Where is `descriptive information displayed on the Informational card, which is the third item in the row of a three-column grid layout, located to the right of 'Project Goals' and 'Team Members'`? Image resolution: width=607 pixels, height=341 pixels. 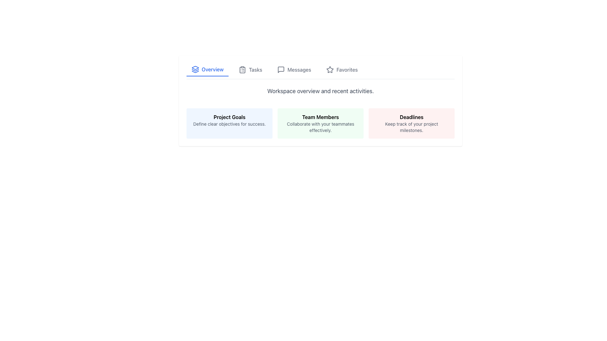
descriptive information displayed on the Informational card, which is the third item in the row of a three-column grid layout, located to the right of 'Project Goals' and 'Team Members' is located at coordinates (411, 123).